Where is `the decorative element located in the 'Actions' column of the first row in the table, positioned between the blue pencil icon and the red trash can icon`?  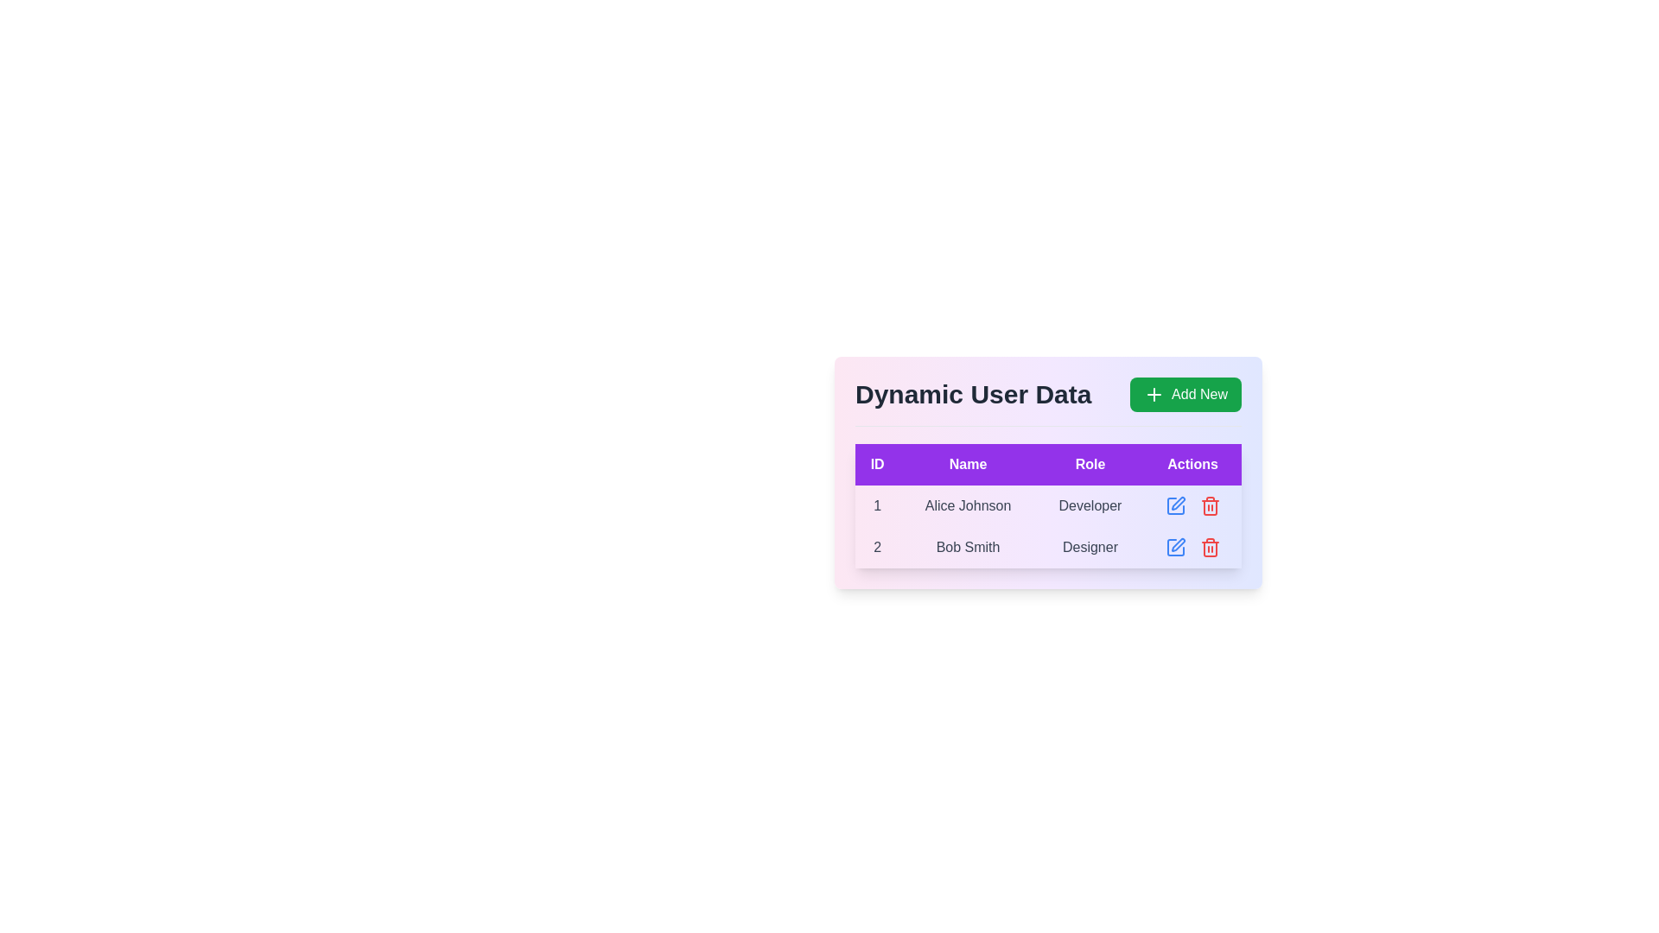
the decorative element located in the 'Actions' column of the first row in the table, positioned between the blue pencil icon and the red trash can icon is located at coordinates (1192, 505).